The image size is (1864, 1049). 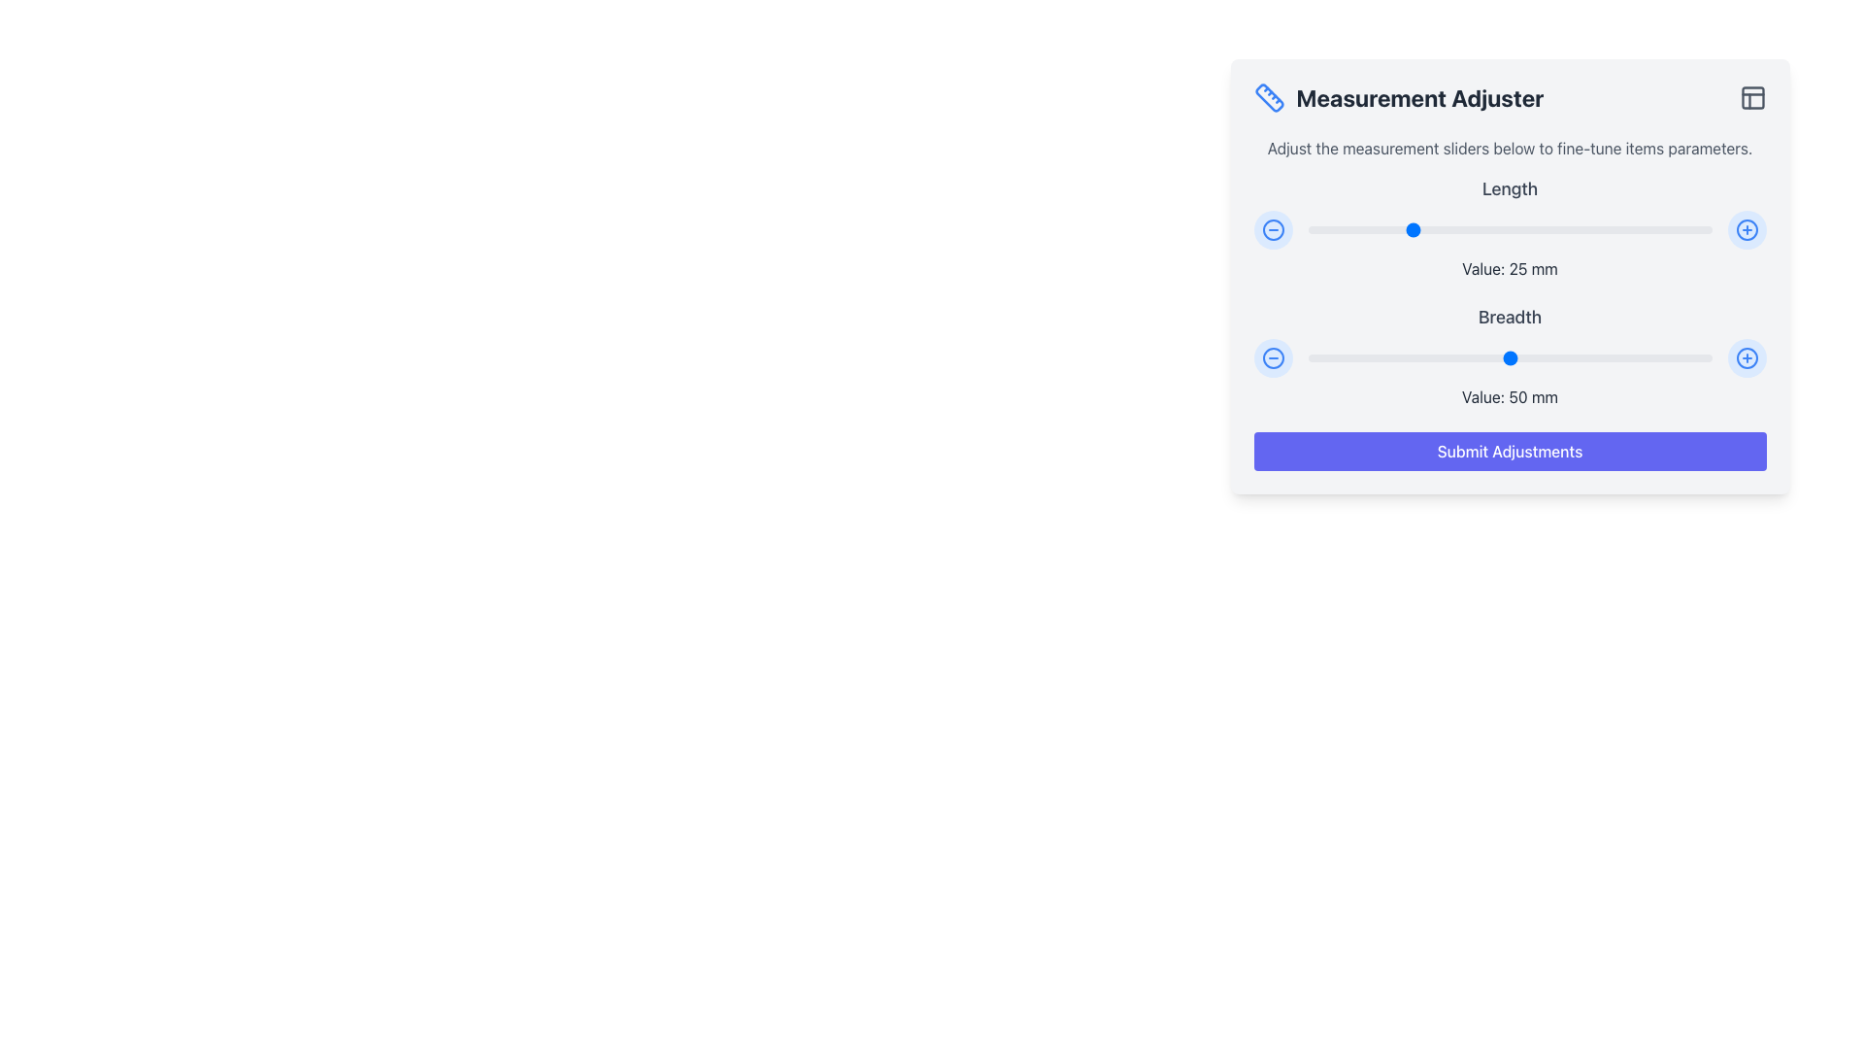 I want to click on the length adjustment slider, so click(x=1461, y=228).